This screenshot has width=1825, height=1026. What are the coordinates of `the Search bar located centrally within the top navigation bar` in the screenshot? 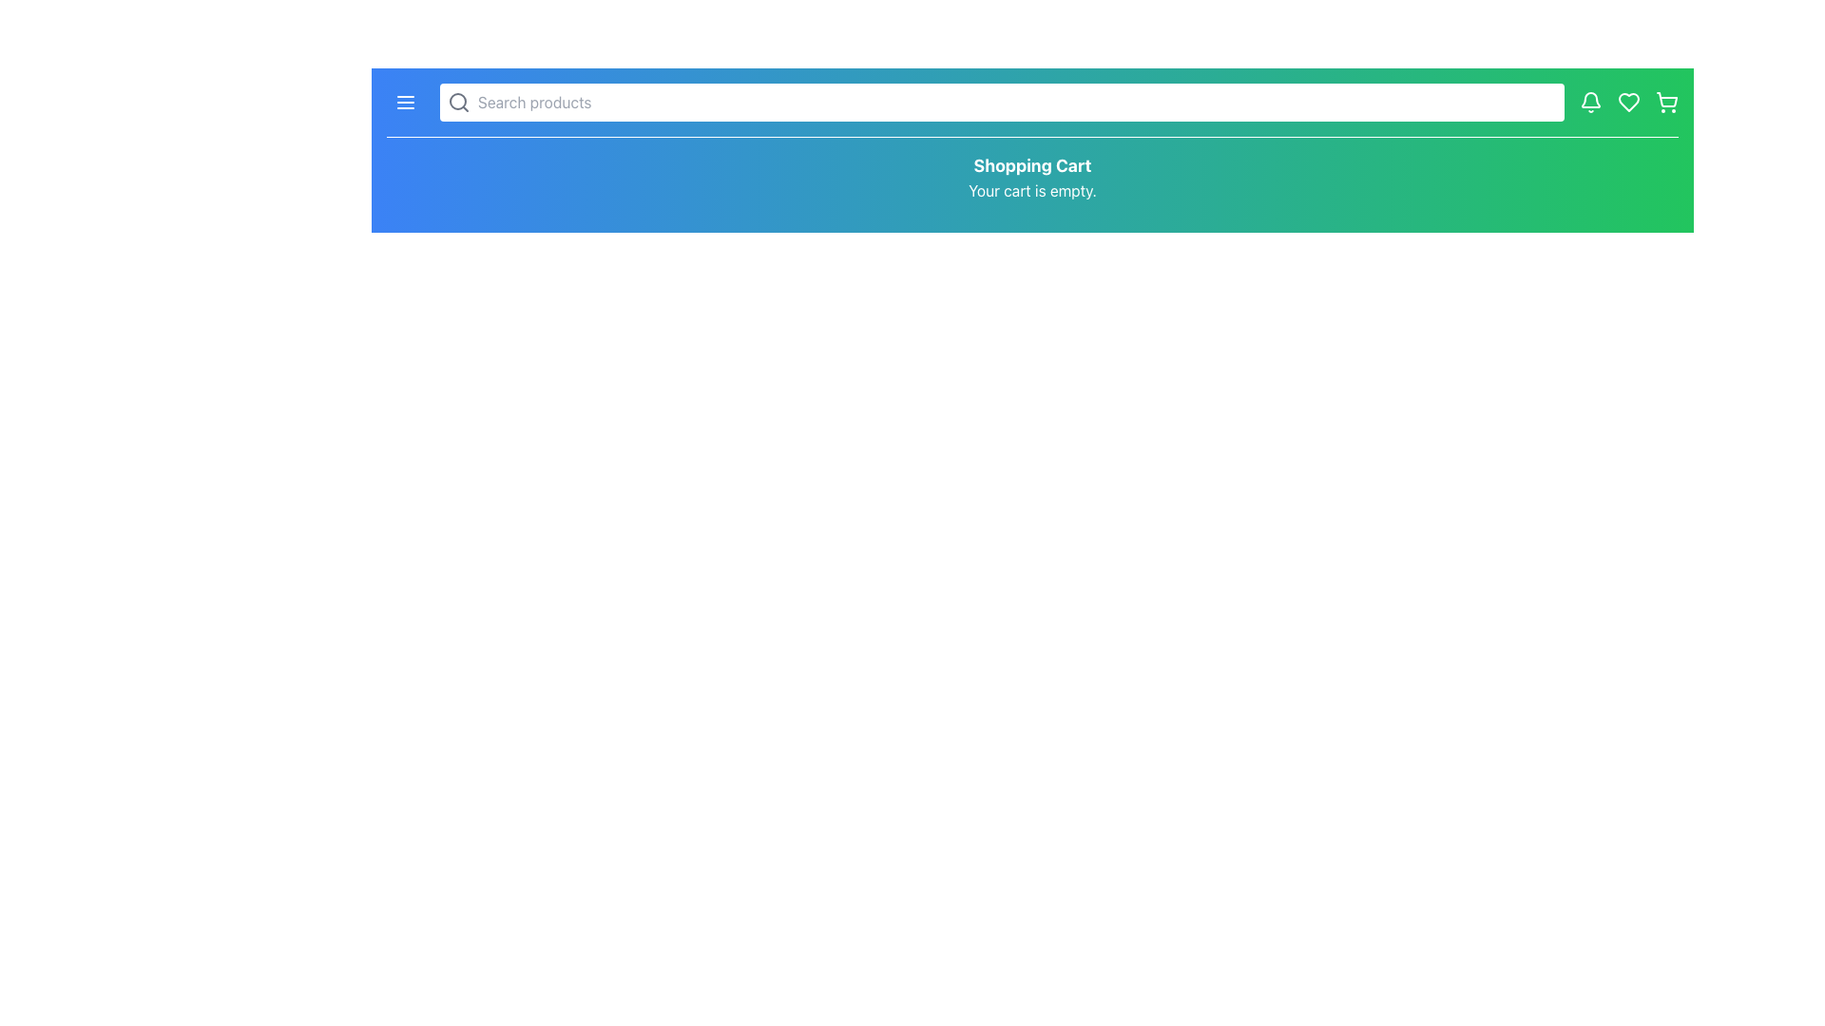 It's located at (1001, 103).